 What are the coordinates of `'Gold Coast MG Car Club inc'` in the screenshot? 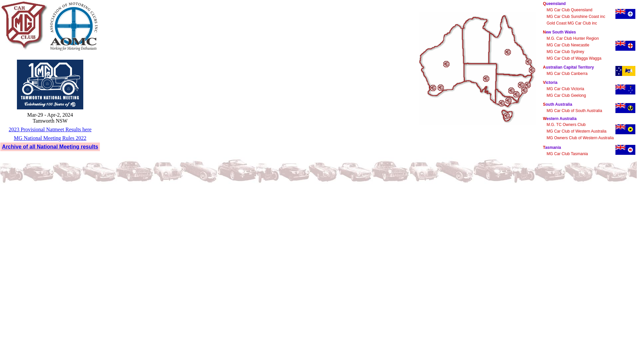 It's located at (571, 23).